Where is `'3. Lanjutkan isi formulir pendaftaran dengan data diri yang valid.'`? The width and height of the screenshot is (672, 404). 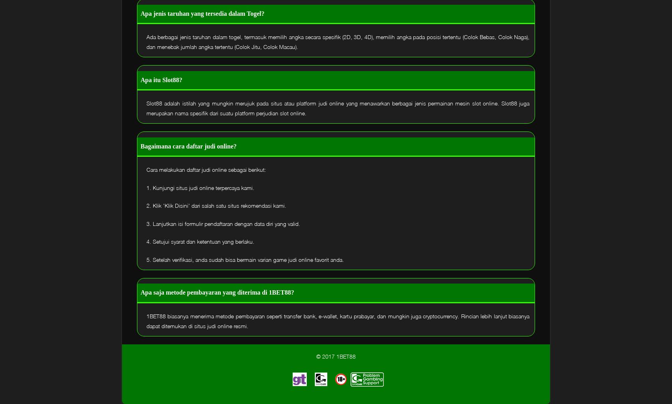
'3. Lanjutkan isi formulir pendaftaran dengan data diri yang valid.' is located at coordinates (223, 223).